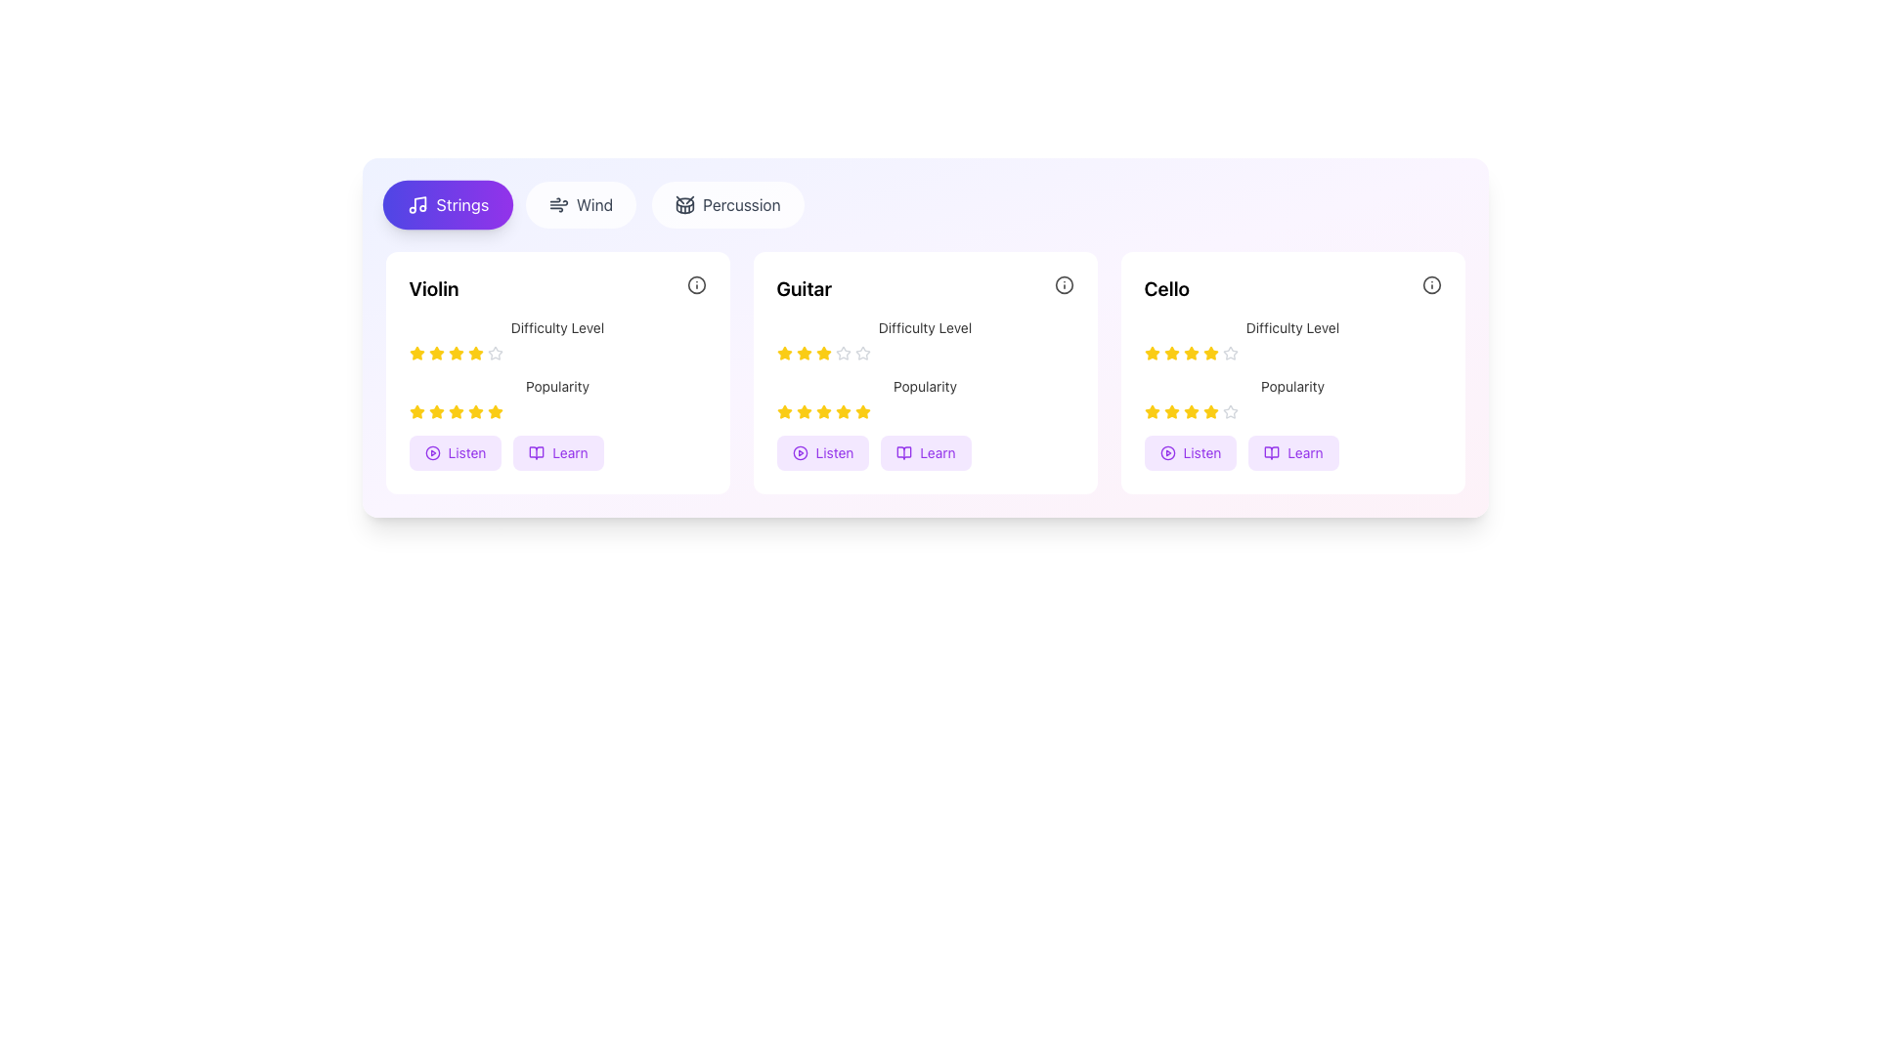 This screenshot has height=1055, width=1877. What do you see at coordinates (1209, 410) in the screenshot?
I see `the fifth star icon representing 'Popularity' in the rating system of the 'Cello' card` at bounding box center [1209, 410].